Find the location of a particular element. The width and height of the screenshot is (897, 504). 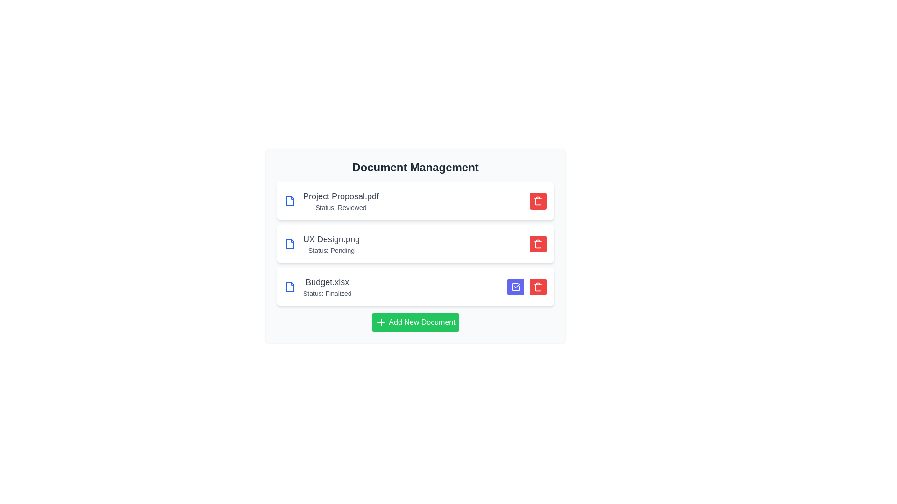

approval button for the 'Budget.xlsx' document to change its status to 'approved' is located at coordinates (515, 286).